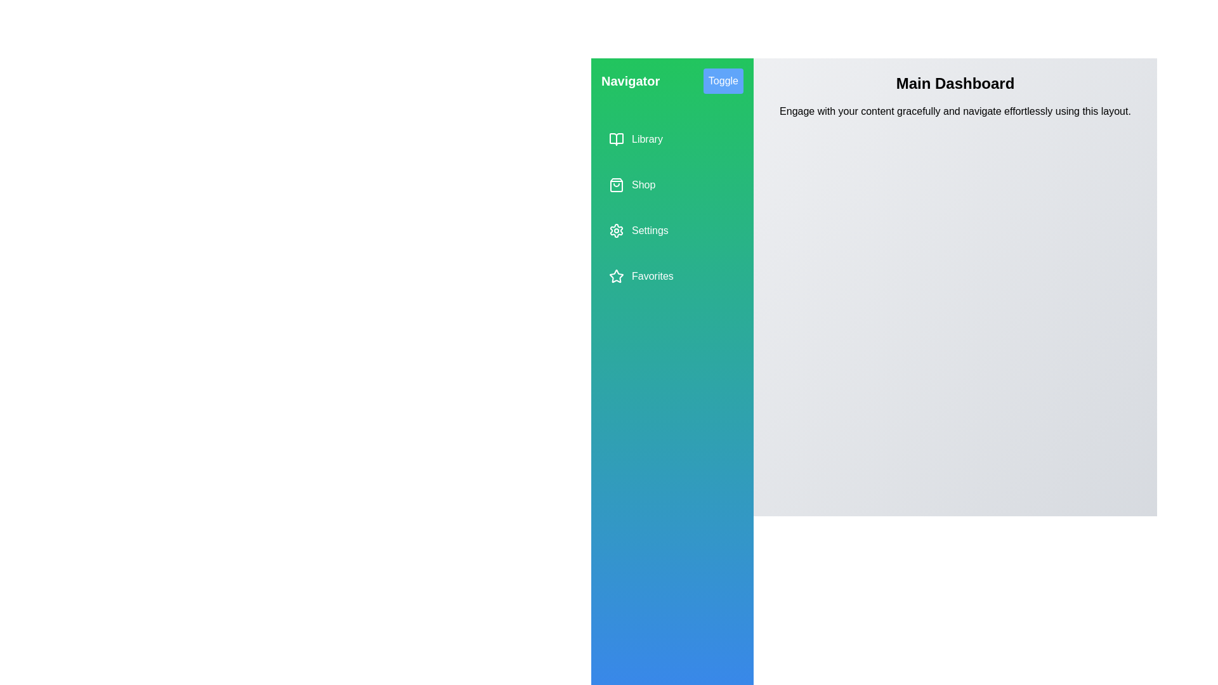 This screenshot has height=685, width=1218. Describe the element at coordinates (723, 81) in the screenshot. I see `the 'Toggle' button to toggle the drawer state` at that location.